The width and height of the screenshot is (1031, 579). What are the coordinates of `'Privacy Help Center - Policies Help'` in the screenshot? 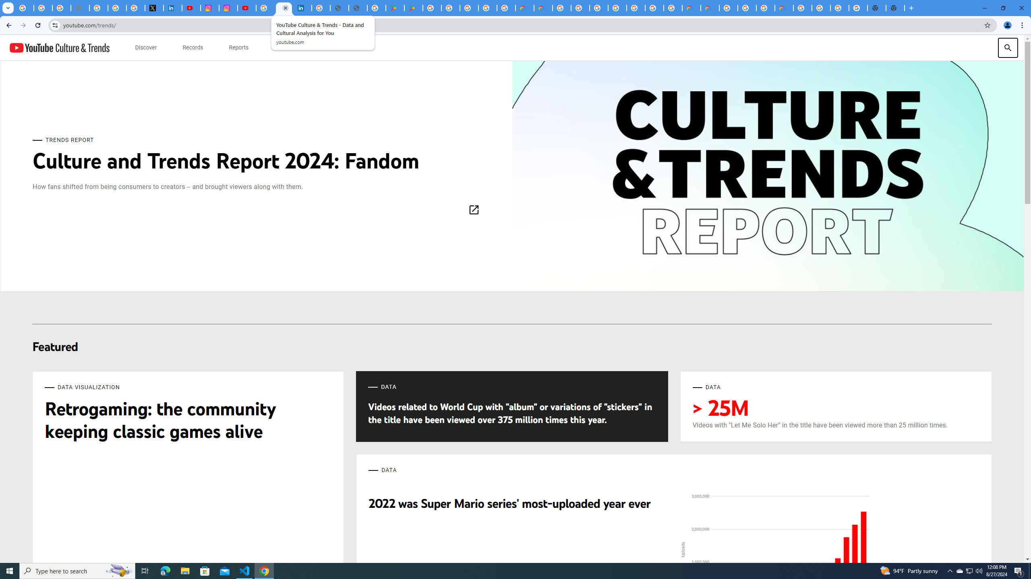 It's located at (98, 8).